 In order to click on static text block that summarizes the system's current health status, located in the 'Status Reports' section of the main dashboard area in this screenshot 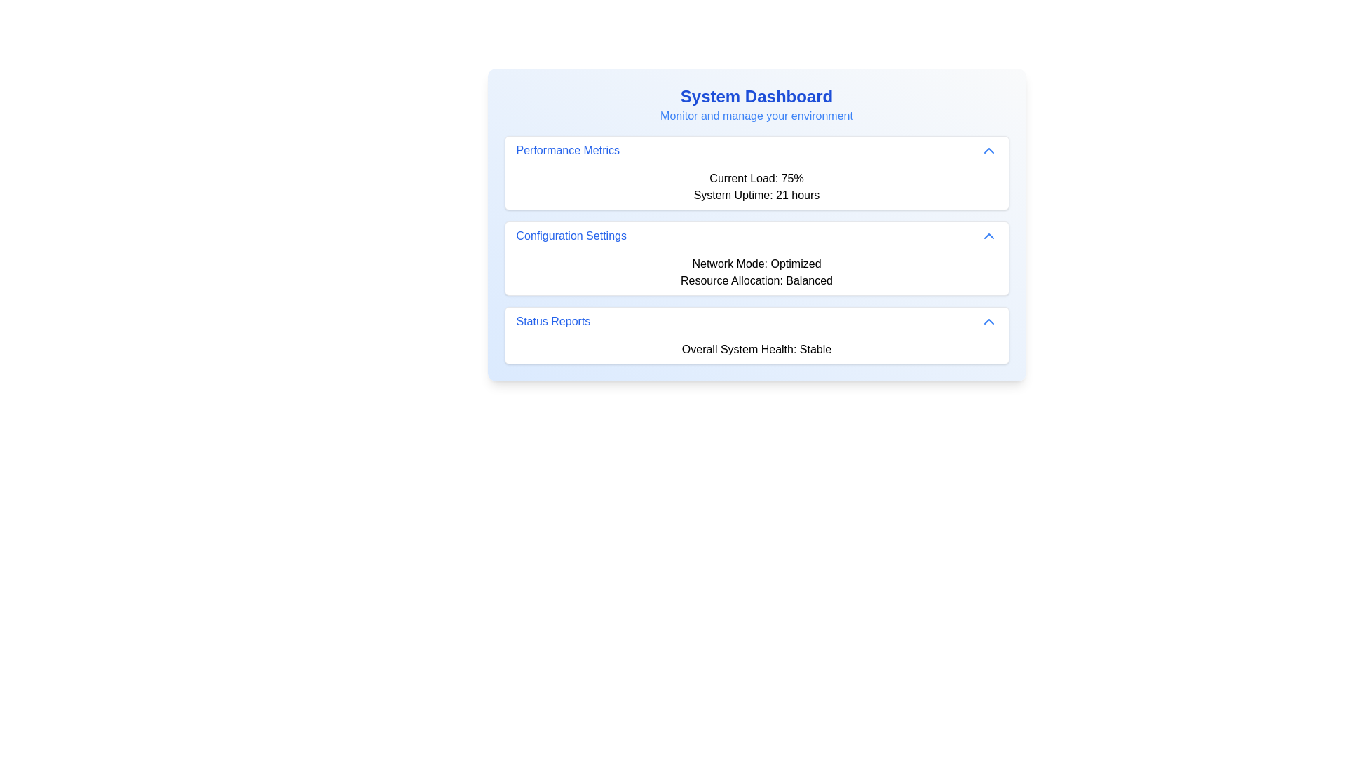, I will do `click(756, 348)`.